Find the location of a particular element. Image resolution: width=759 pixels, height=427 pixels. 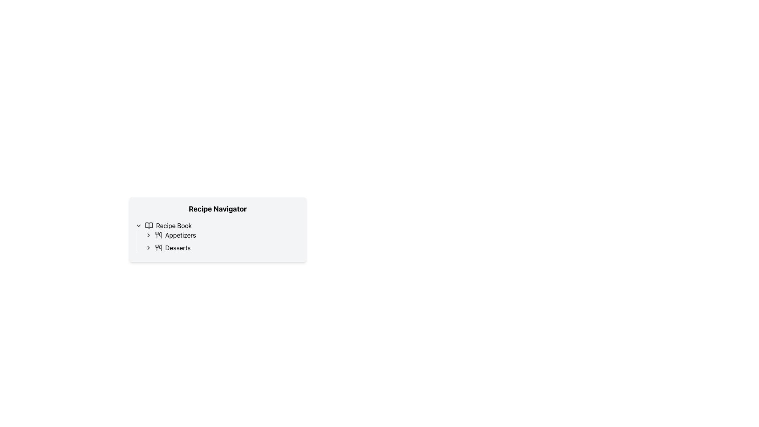

the open book icon located to the left of the 'Recipe Book' text in the 'Recipe Navigator' section is located at coordinates (149, 225).